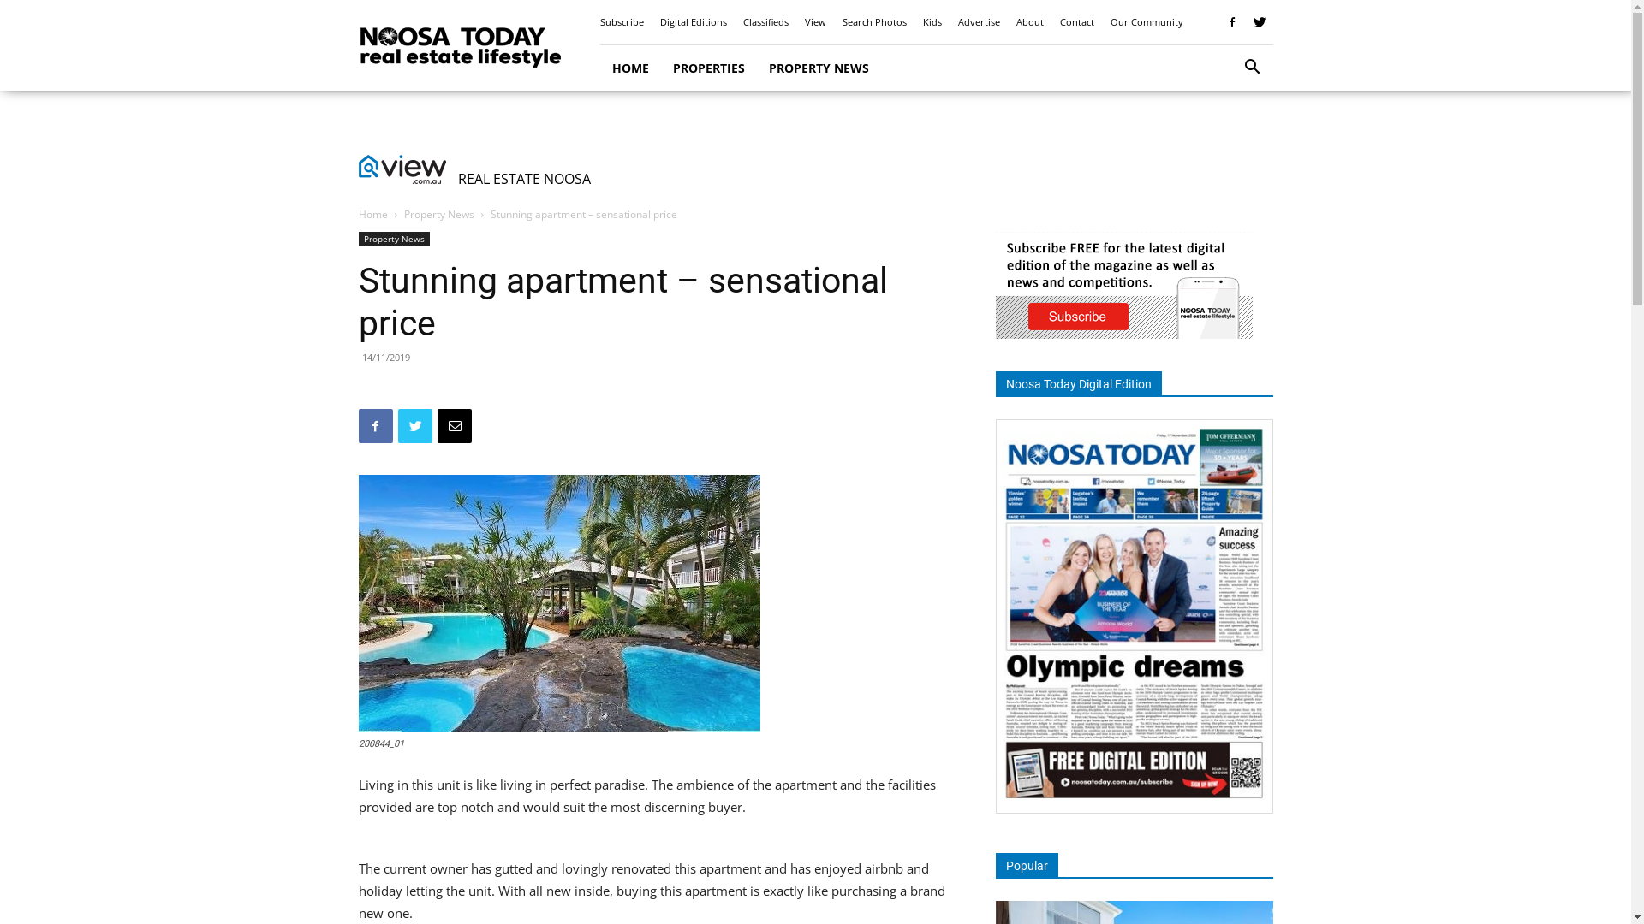 This screenshot has width=1644, height=924. What do you see at coordinates (765, 21) in the screenshot?
I see `'Classifieds'` at bounding box center [765, 21].